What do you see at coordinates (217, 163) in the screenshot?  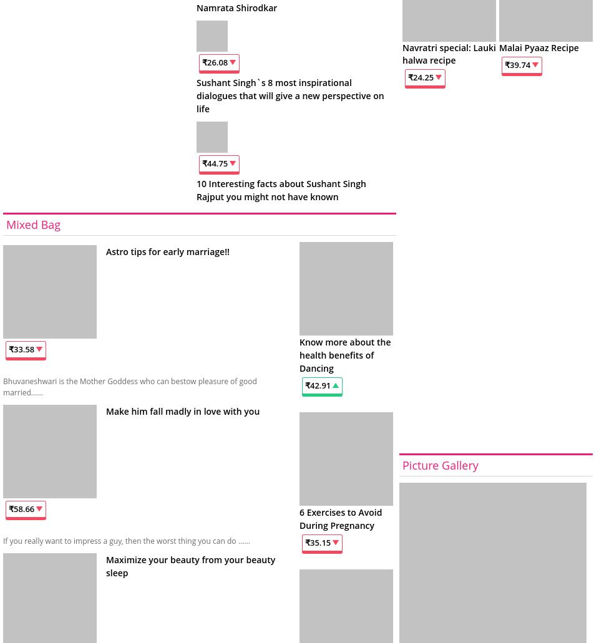 I see `'44.75'` at bounding box center [217, 163].